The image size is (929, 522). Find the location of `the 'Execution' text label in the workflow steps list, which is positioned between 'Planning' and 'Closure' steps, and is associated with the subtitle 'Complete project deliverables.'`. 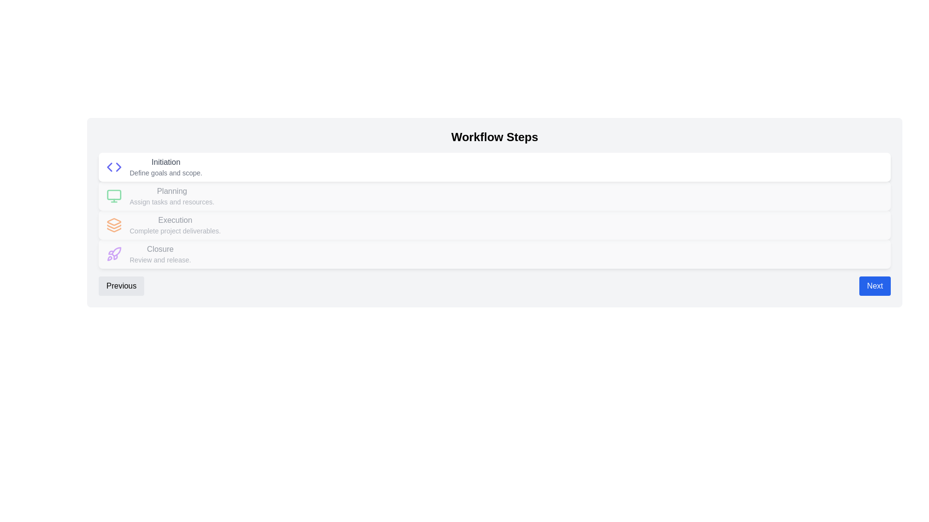

the 'Execution' text label in the workflow steps list, which is positioned between 'Planning' and 'Closure' steps, and is associated with the subtitle 'Complete project deliverables.' is located at coordinates (175, 220).